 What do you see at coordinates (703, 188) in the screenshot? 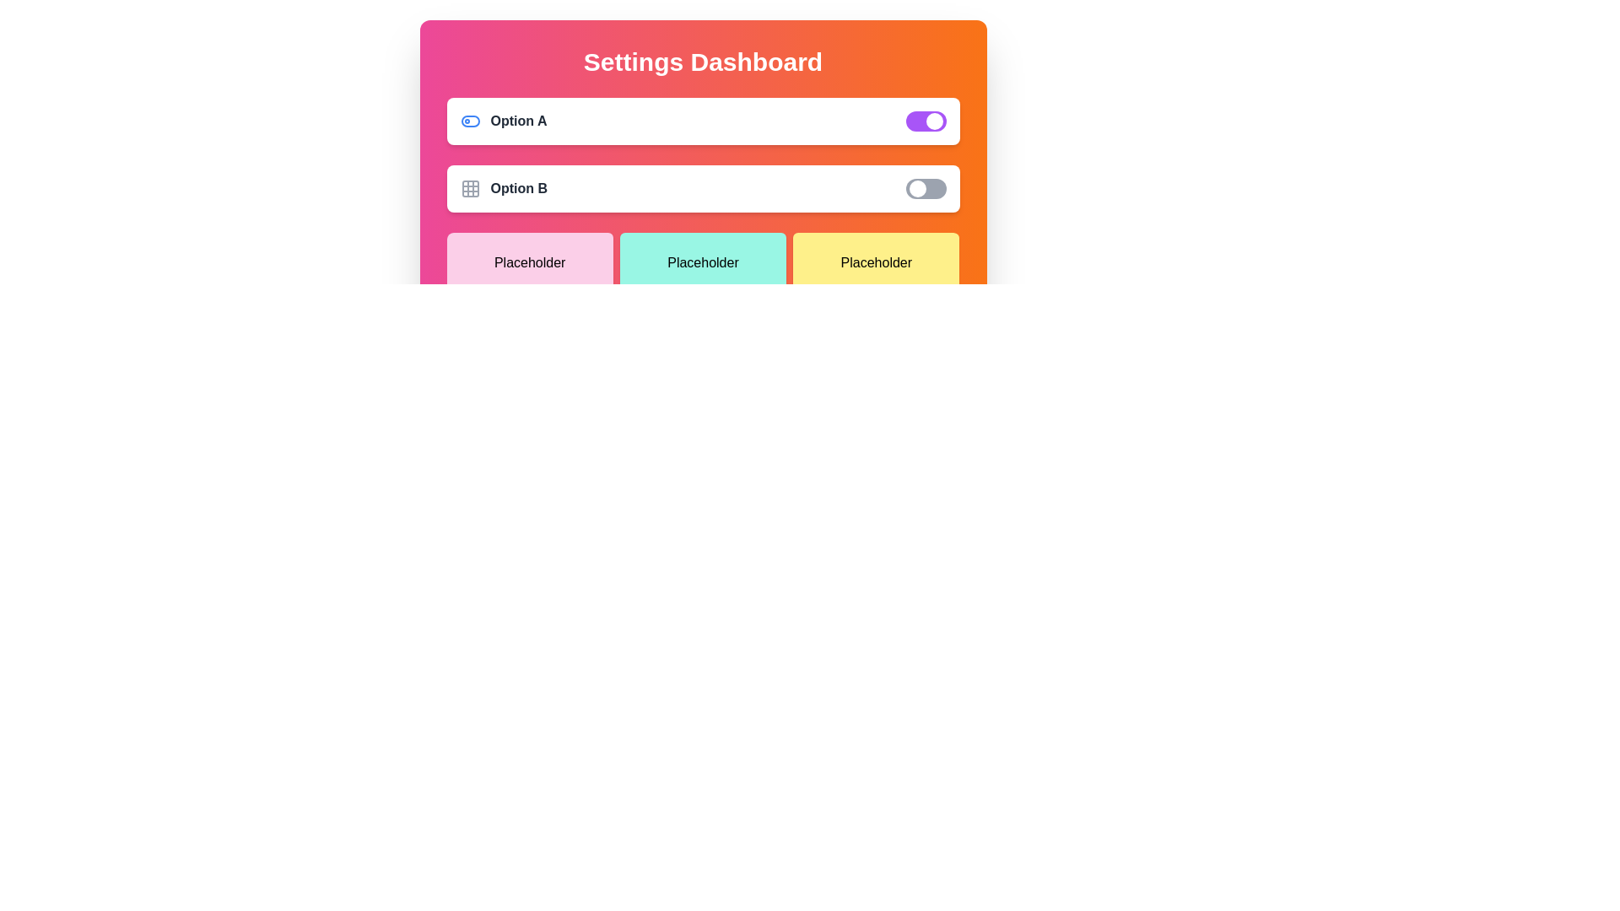
I see `the toggleable option labeled 'Option B'` at bounding box center [703, 188].